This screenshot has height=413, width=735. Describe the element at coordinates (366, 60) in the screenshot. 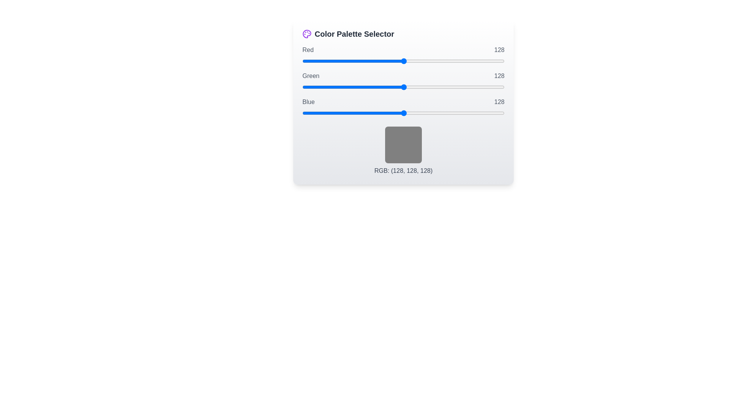

I see `the red slider to set its value to 81` at that location.